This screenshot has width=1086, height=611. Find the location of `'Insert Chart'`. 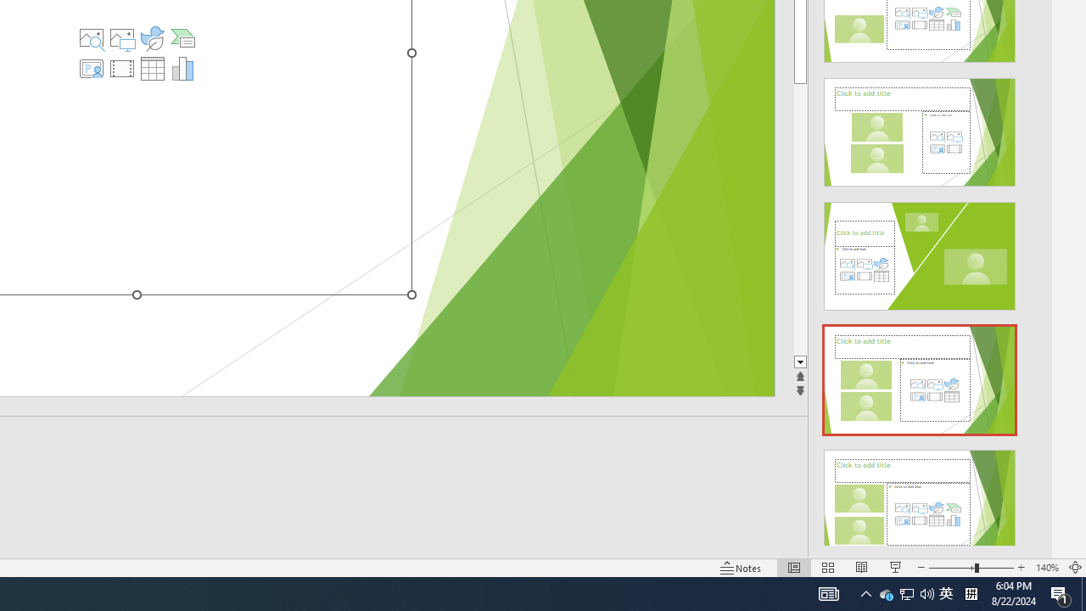

'Insert Chart' is located at coordinates (182, 68).